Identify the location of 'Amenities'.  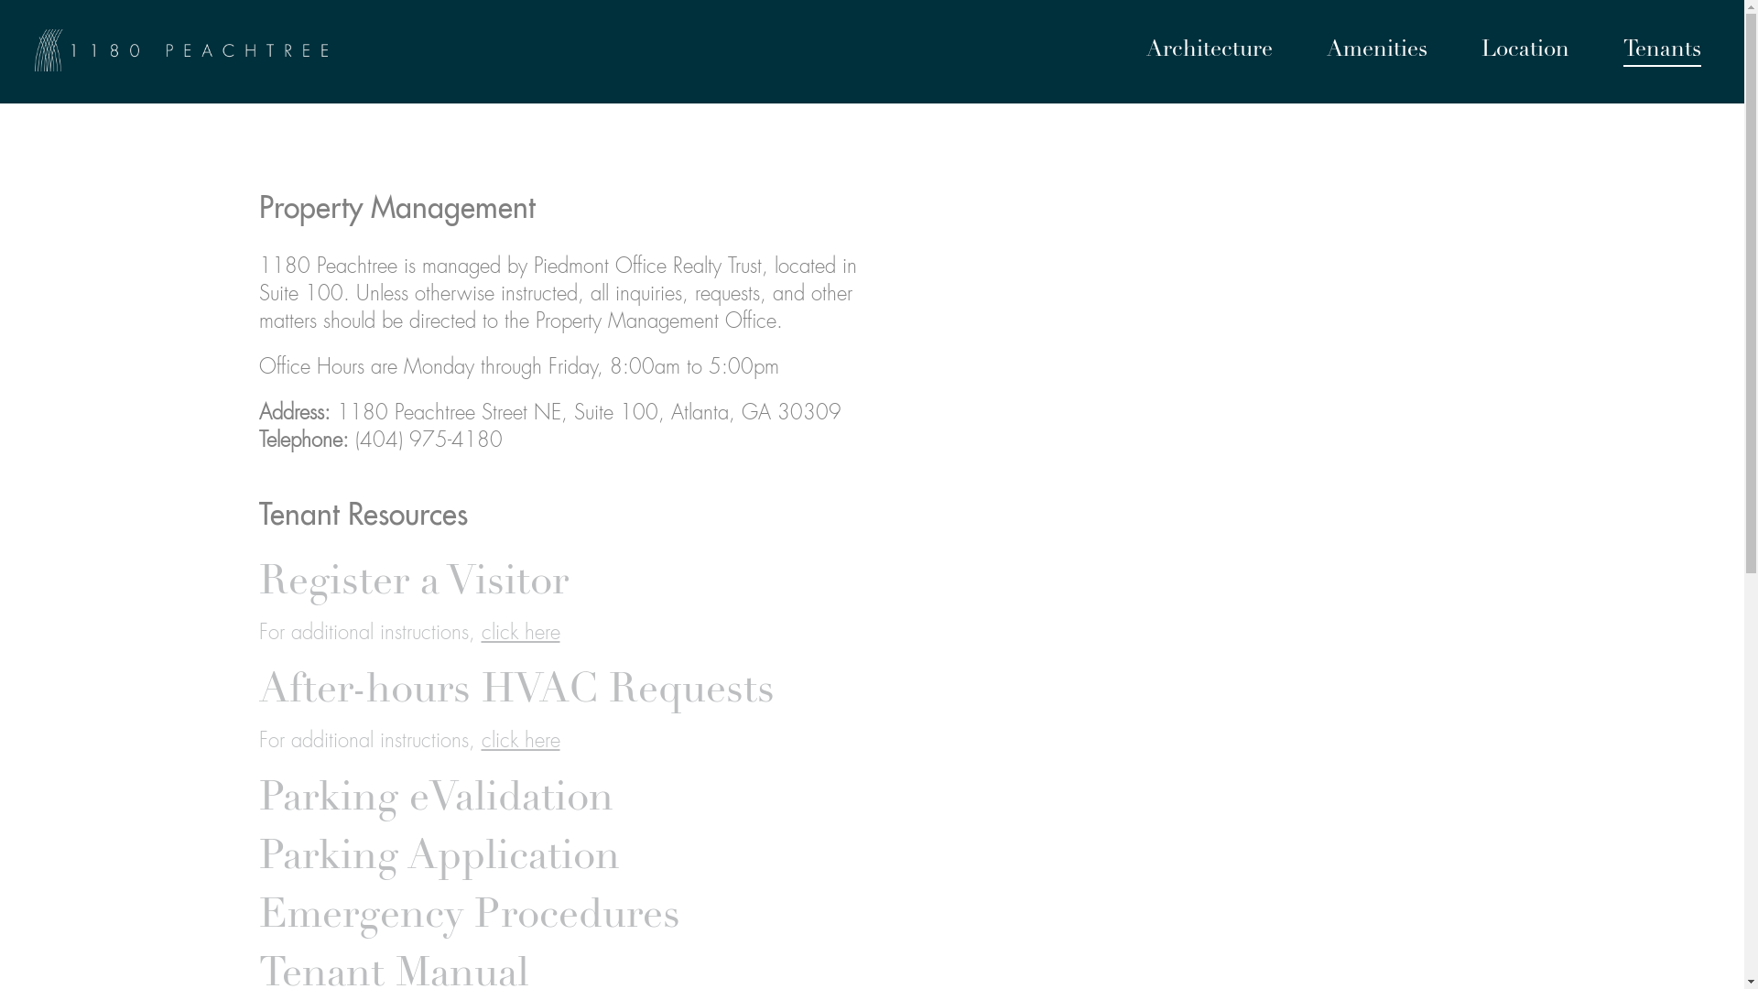
(1376, 51).